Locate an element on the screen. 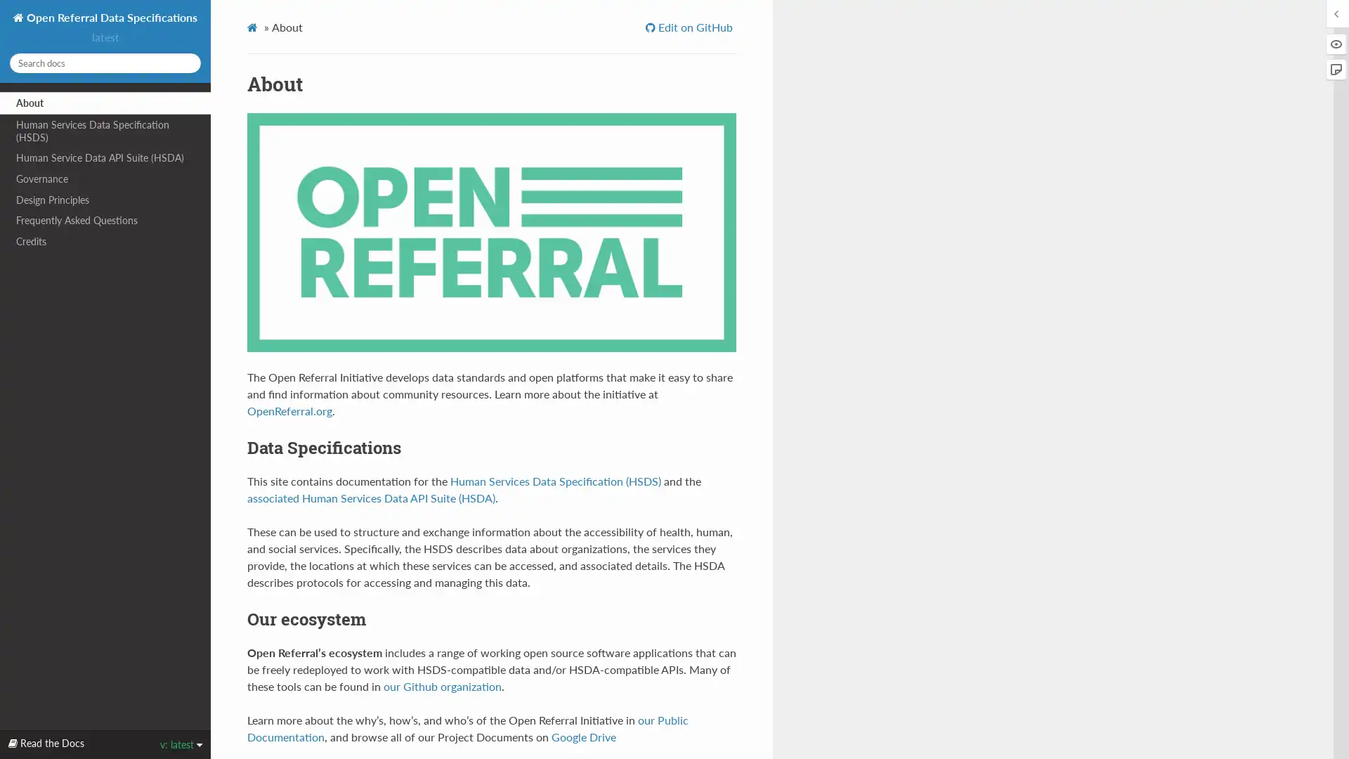 This screenshot has width=1349, height=759. New page note is located at coordinates (1335, 70).